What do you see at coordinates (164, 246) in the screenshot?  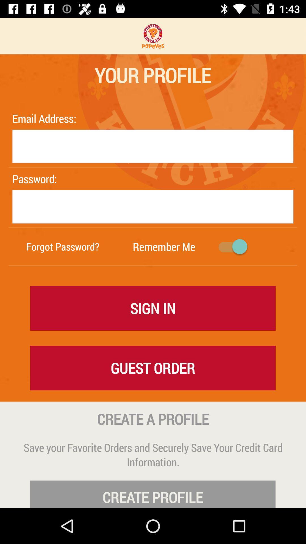 I see `the icon to the right of the forgot password? item` at bounding box center [164, 246].